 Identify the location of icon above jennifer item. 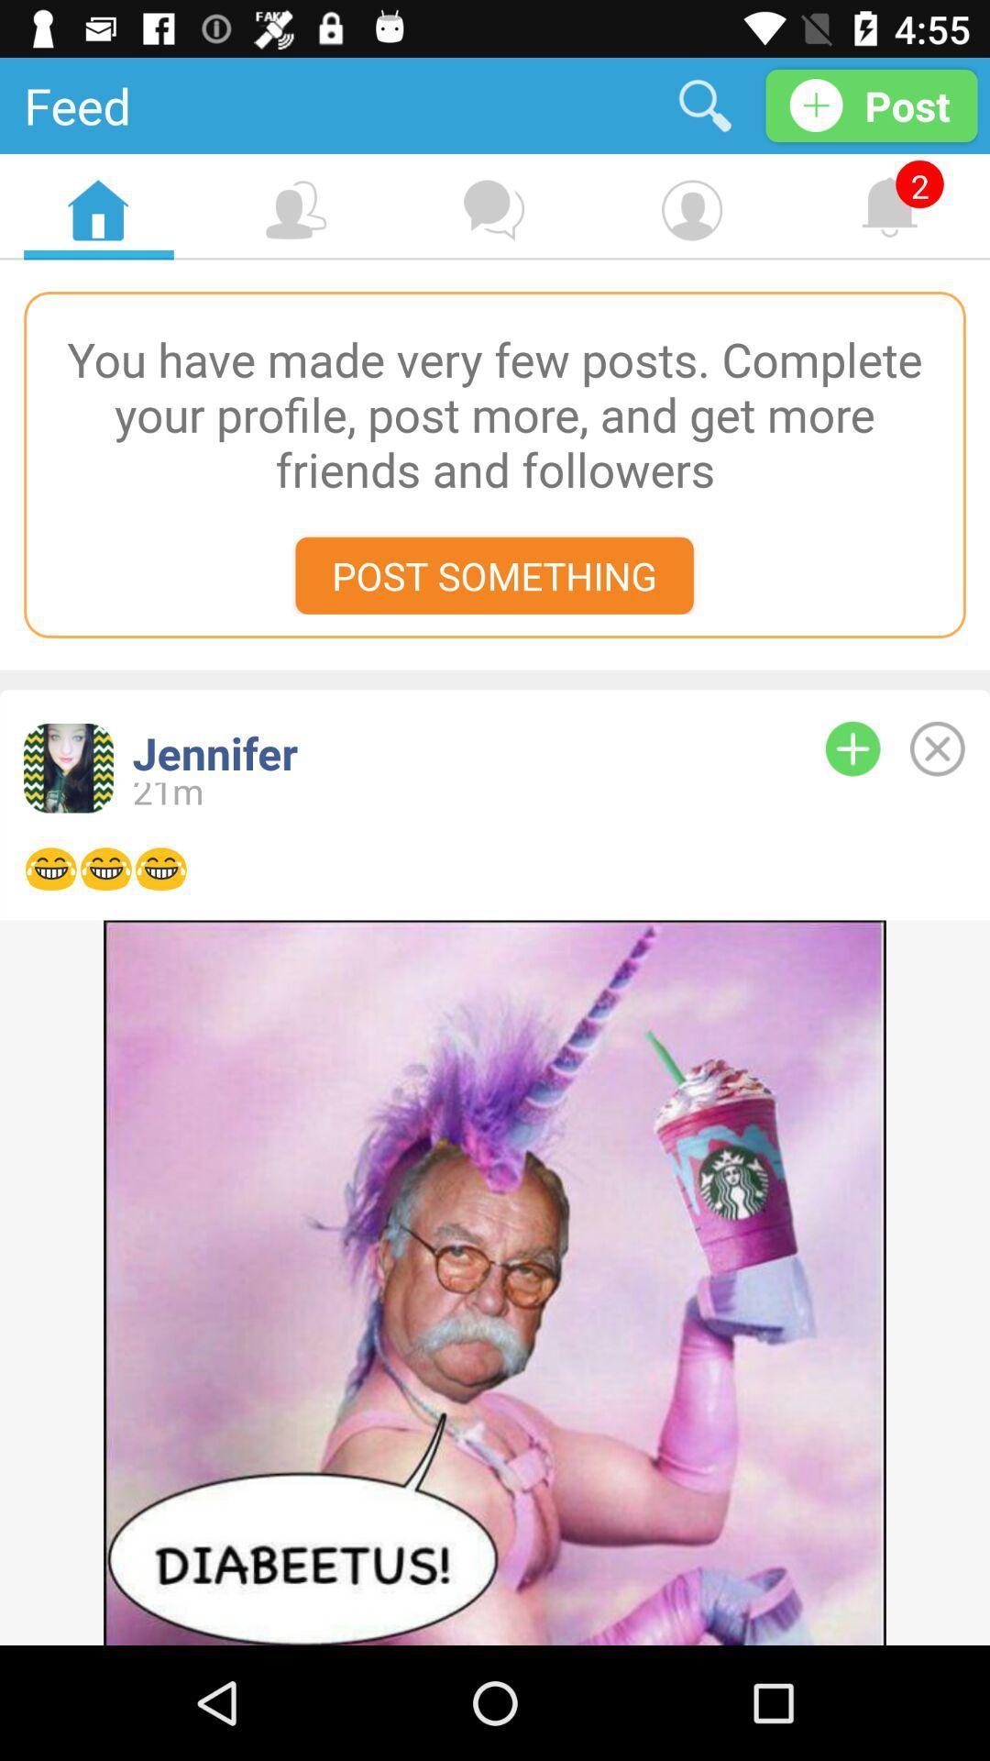
(493, 574).